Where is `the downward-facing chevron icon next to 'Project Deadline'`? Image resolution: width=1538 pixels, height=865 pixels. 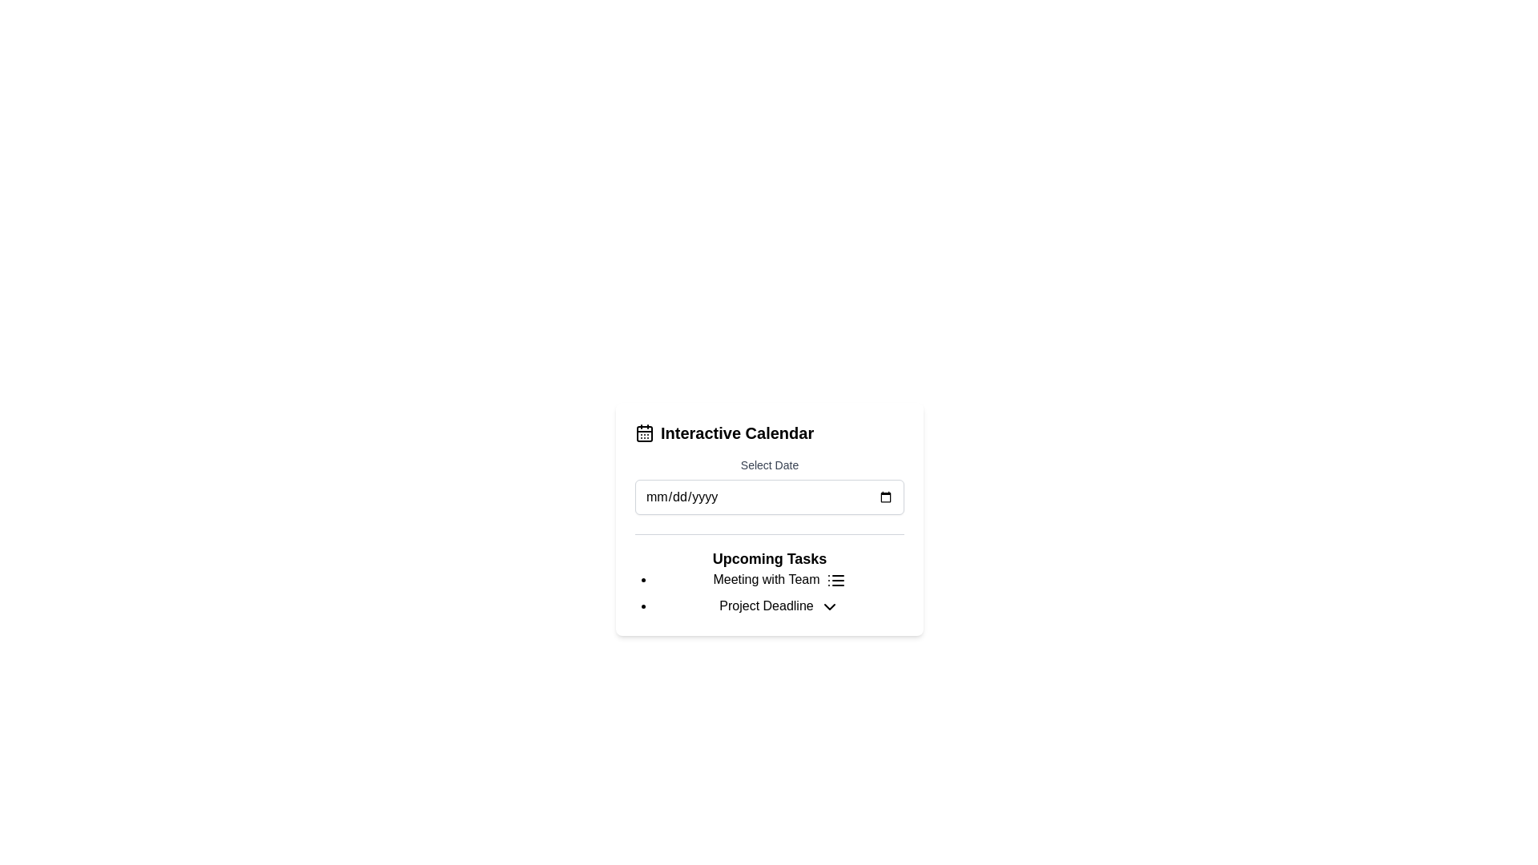 the downward-facing chevron icon next to 'Project Deadline' is located at coordinates (829, 606).